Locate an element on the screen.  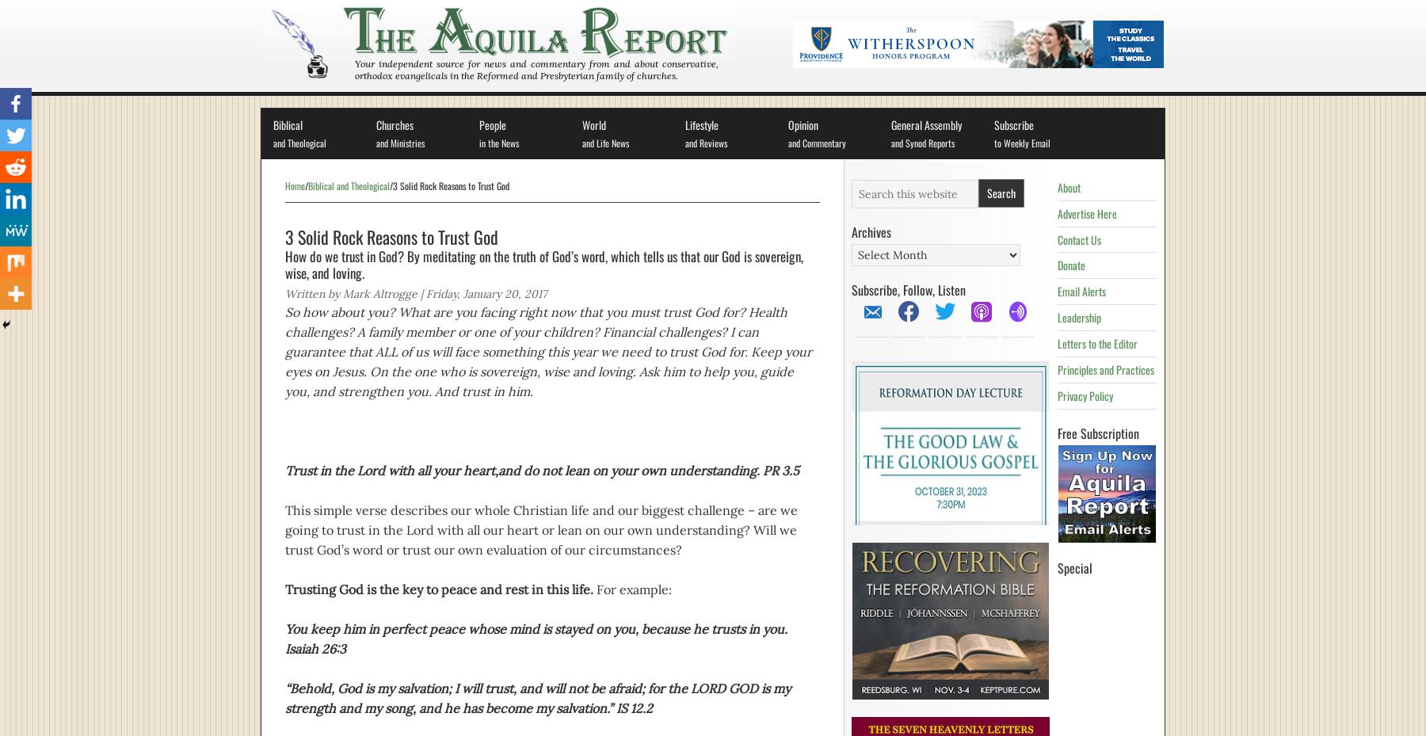
'Email Alerts' is located at coordinates (1081, 291).